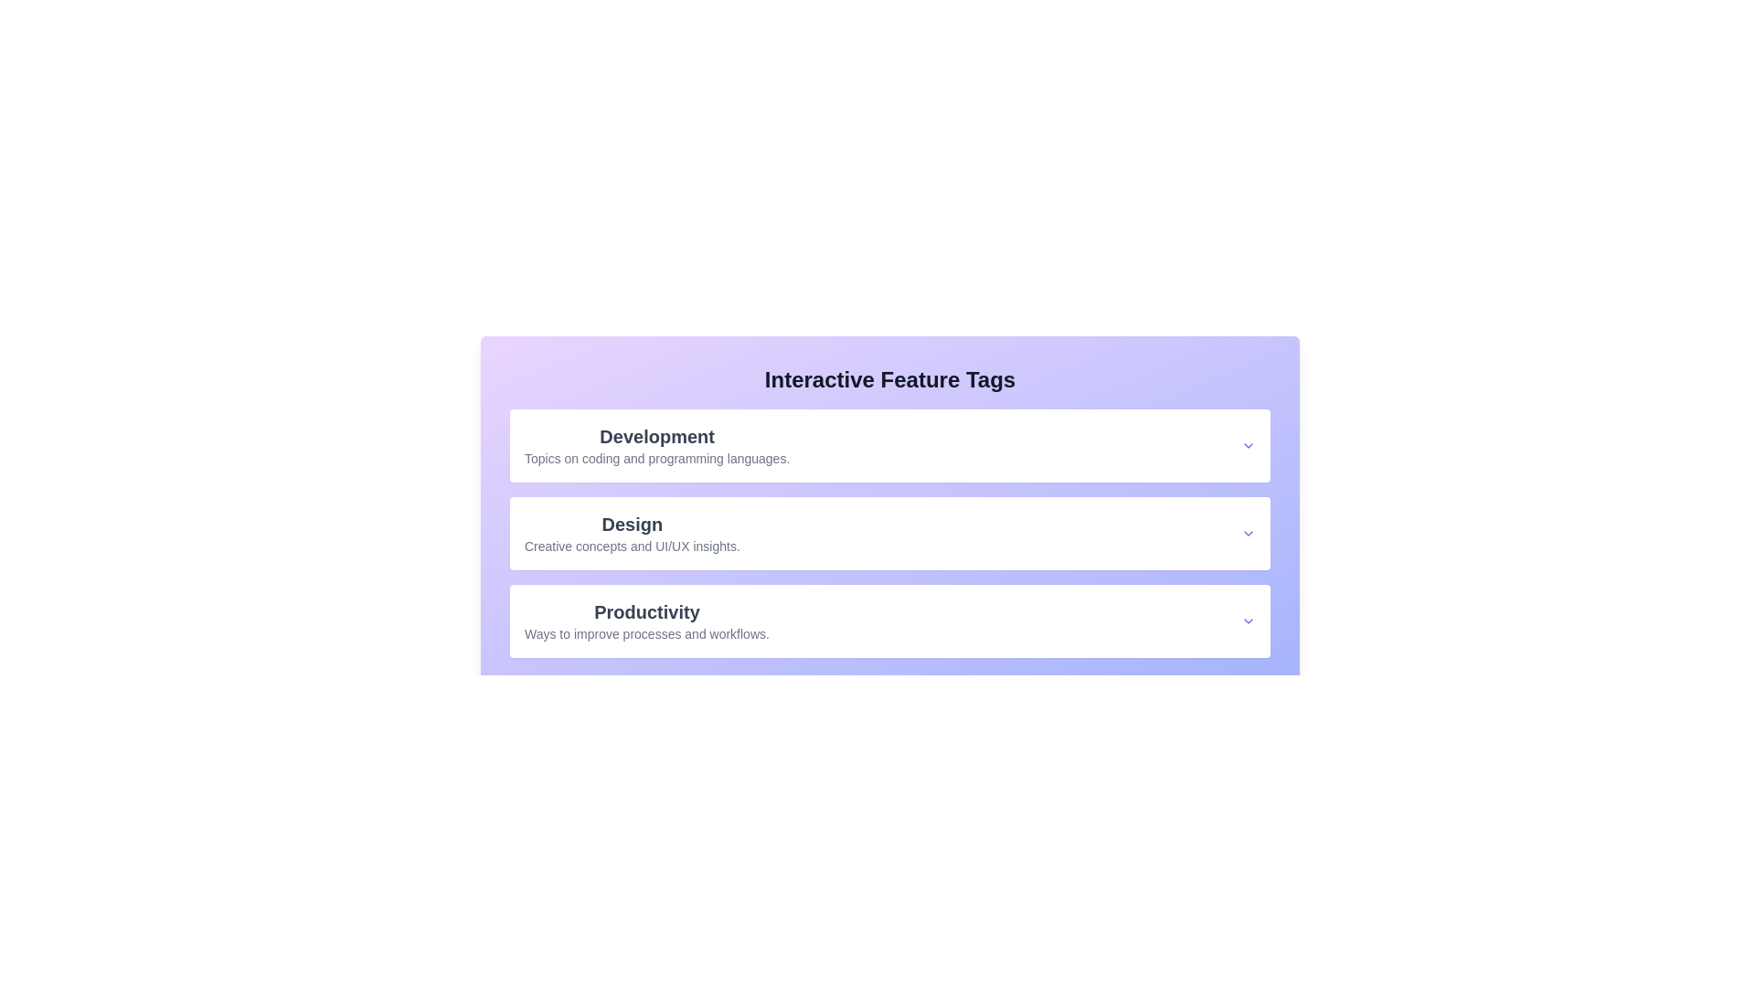 This screenshot has height=987, width=1755. What do you see at coordinates (646, 612) in the screenshot?
I see `header text labeled 'Productivity', which is styled in bold with a larger font size and dark gray color, positioned above the text 'Ways to improve processes and workflows.'` at bounding box center [646, 612].